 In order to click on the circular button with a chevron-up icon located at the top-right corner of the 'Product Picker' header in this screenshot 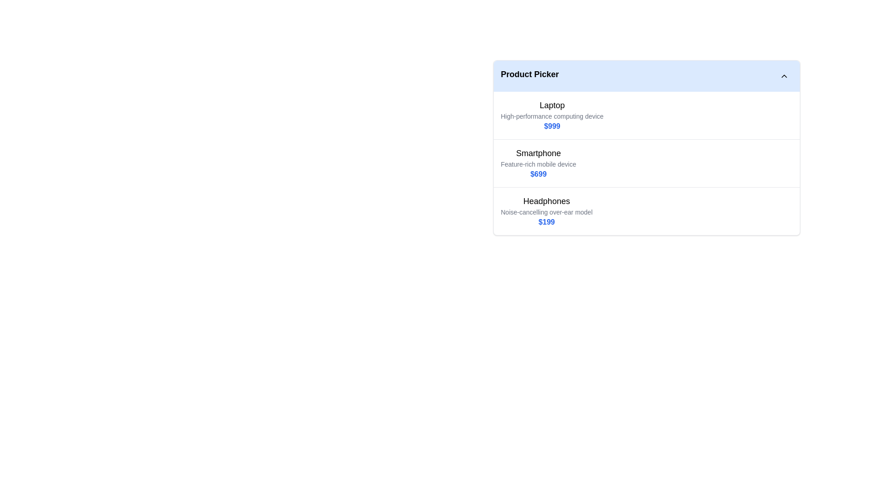, I will do `click(783, 75)`.